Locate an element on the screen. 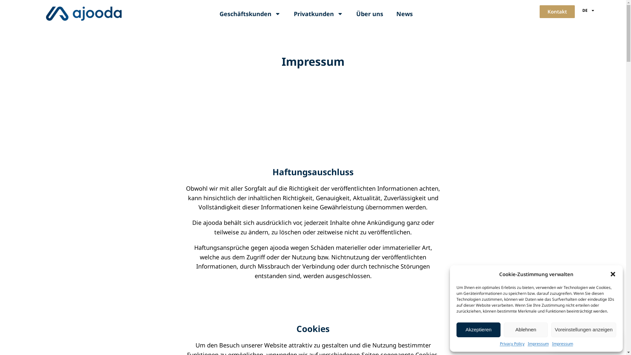  'Impressum' is located at coordinates (562, 343).